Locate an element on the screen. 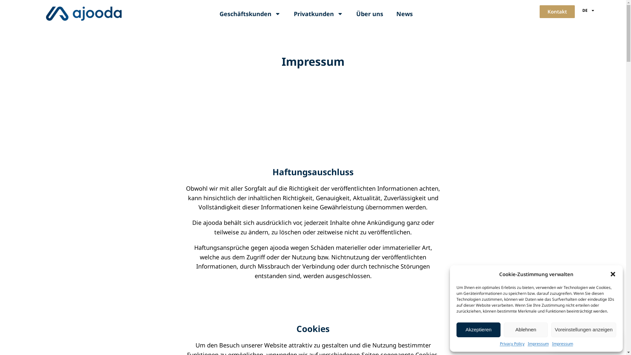  'Impressum' is located at coordinates (562, 343).